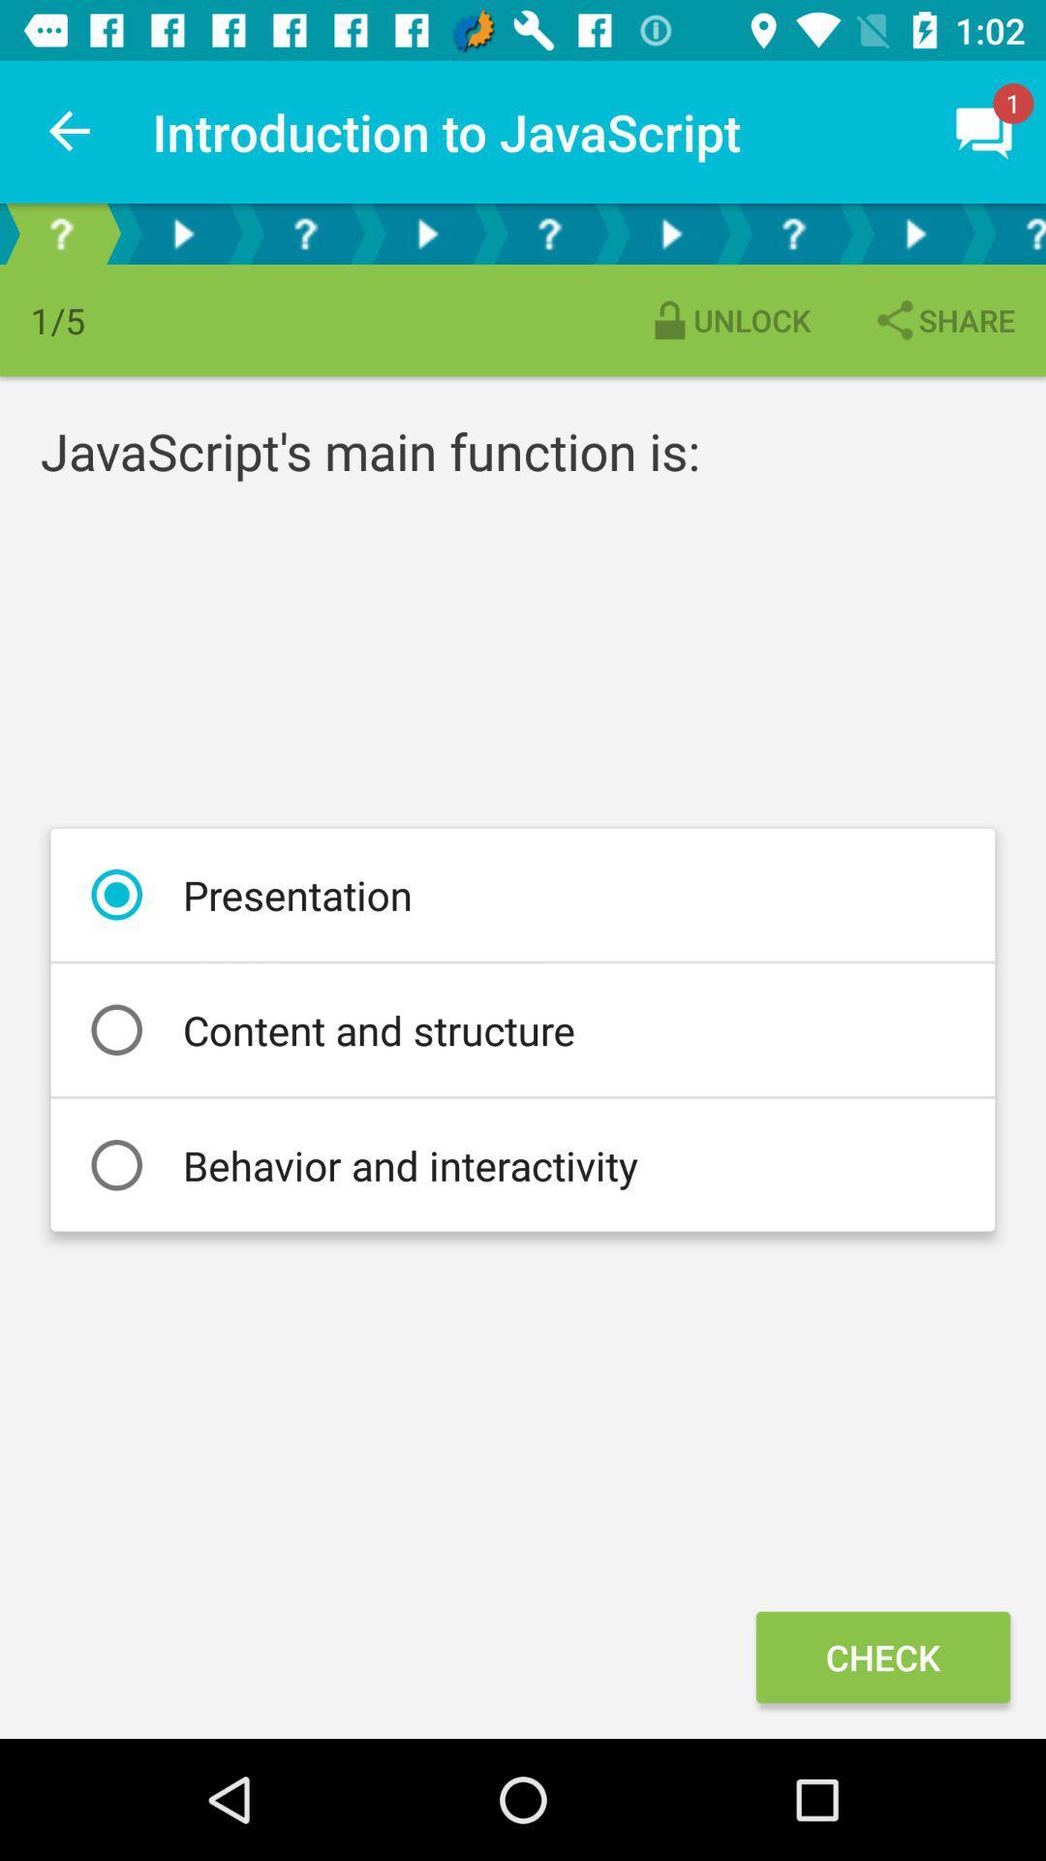 The width and height of the screenshot is (1046, 1861). Describe the element at coordinates (425, 233) in the screenshot. I see `the play icon` at that location.